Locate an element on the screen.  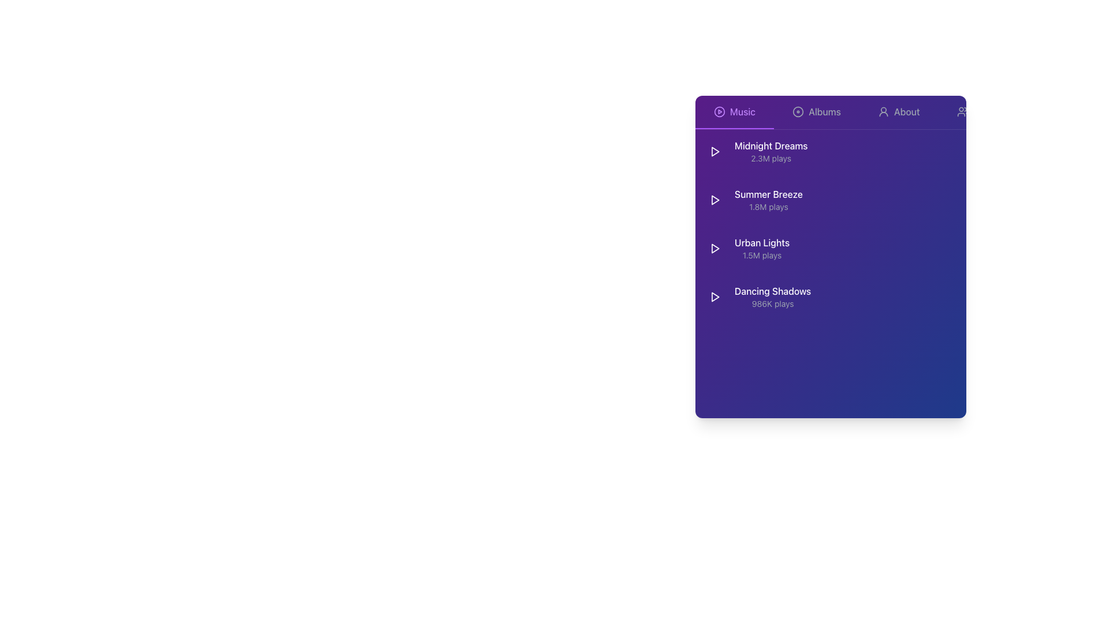
the circular play button icon with a purple background and a white play symbol to play the track 'Summer Breeze' is located at coordinates (714, 200).